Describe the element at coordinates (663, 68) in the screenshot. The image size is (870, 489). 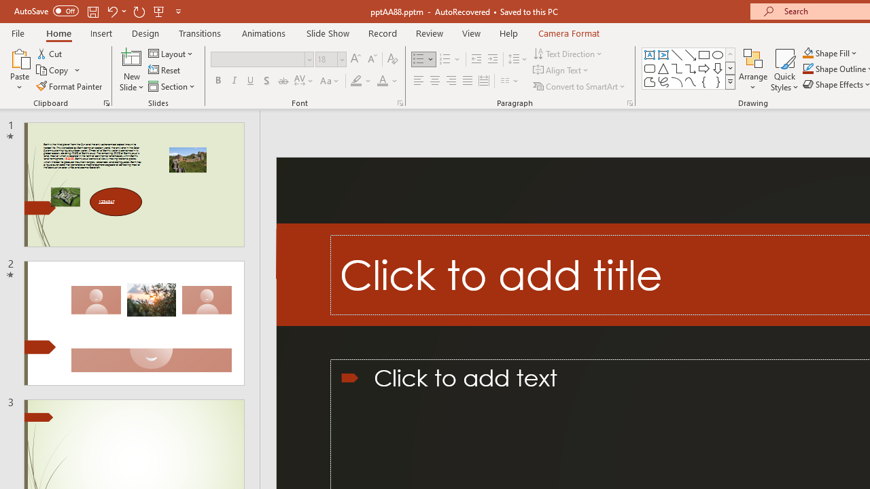
I see `'Isosceles Triangle'` at that location.